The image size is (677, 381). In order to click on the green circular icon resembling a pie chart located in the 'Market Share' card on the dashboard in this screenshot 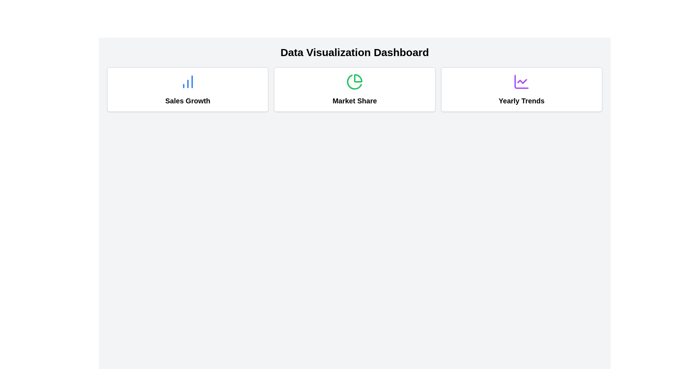, I will do `click(355, 81)`.